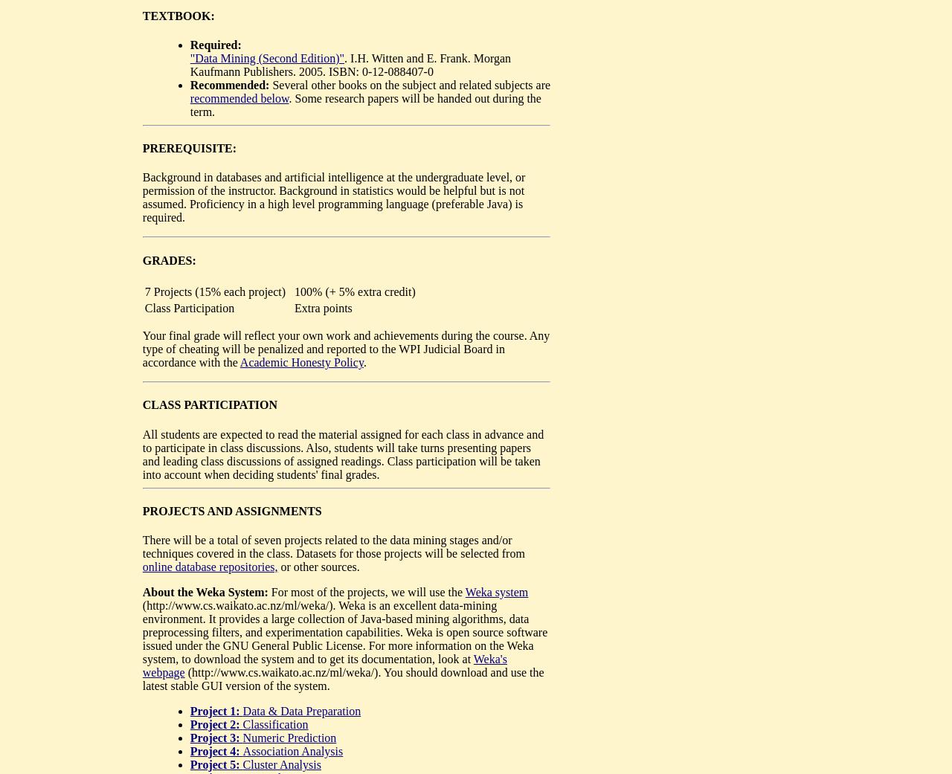  What do you see at coordinates (354, 291) in the screenshot?
I see `'100% (+ 5% extra credit)'` at bounding box center [354, 291].